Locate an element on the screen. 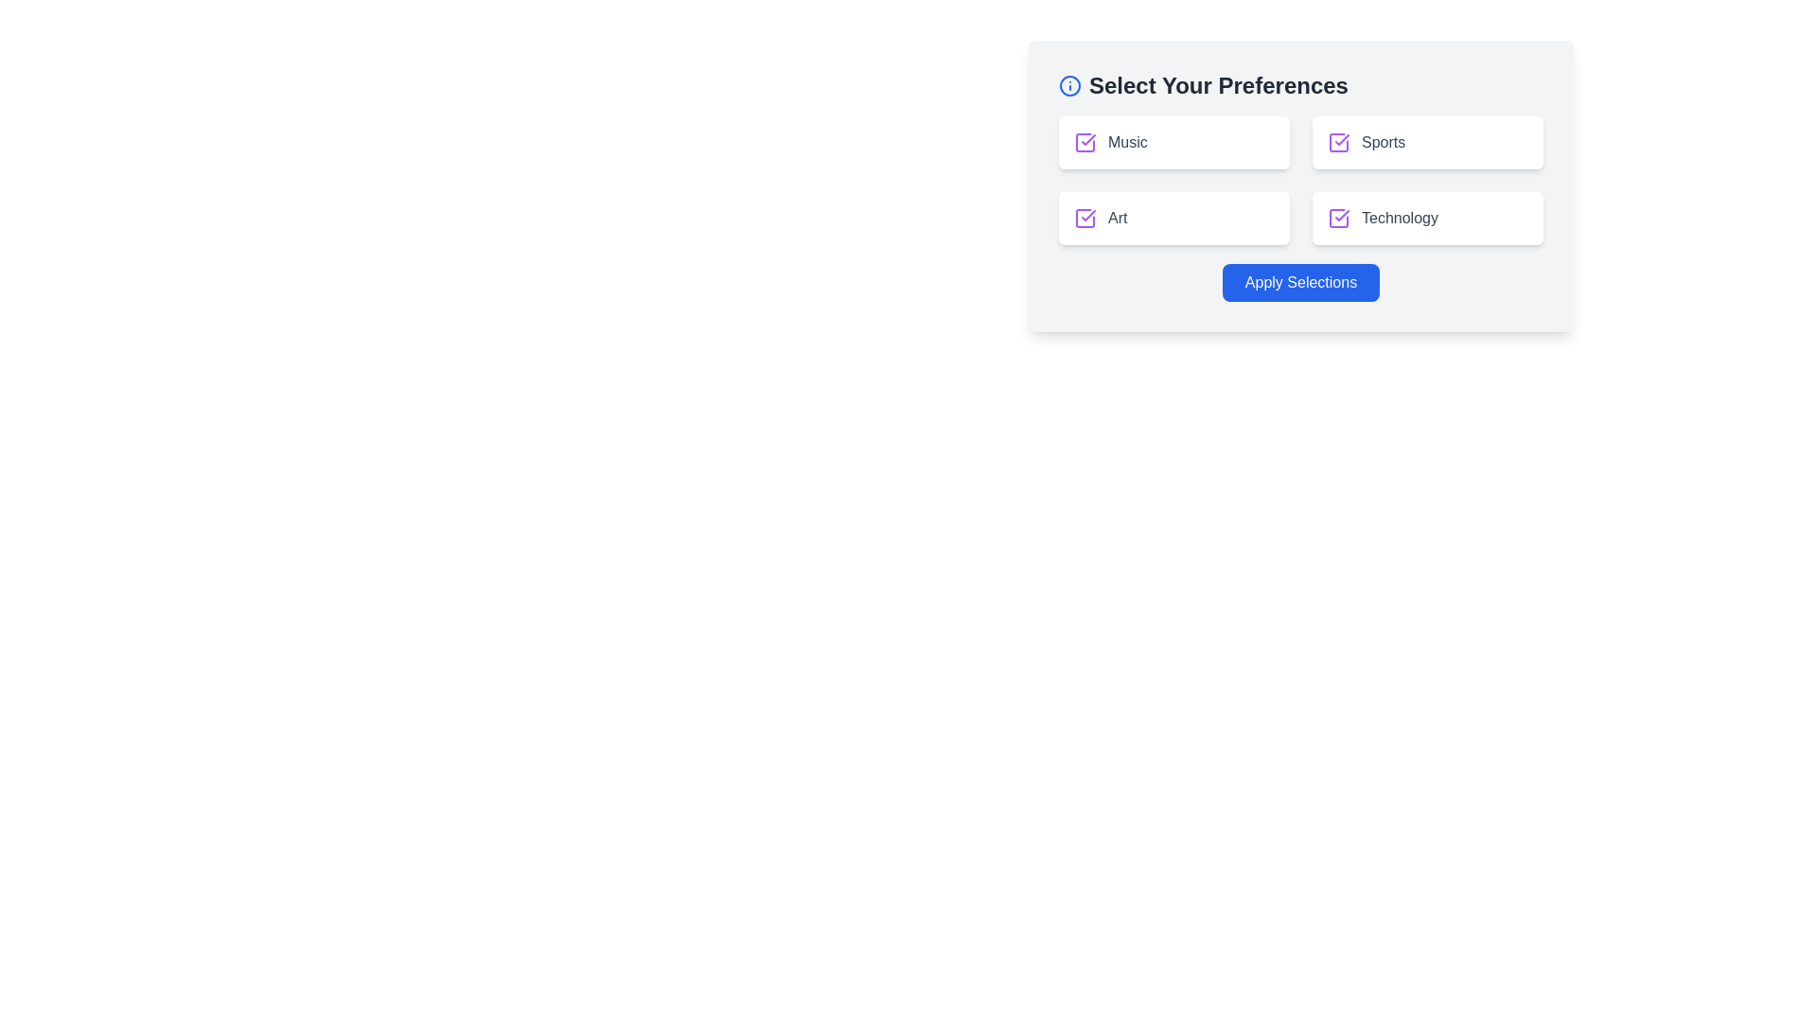  the 'Sports' label text, which serves as a label for a preference option in the second row, second column of the grid arrangement, adjacent to a checkbox is located at coordinates (1384, 141).